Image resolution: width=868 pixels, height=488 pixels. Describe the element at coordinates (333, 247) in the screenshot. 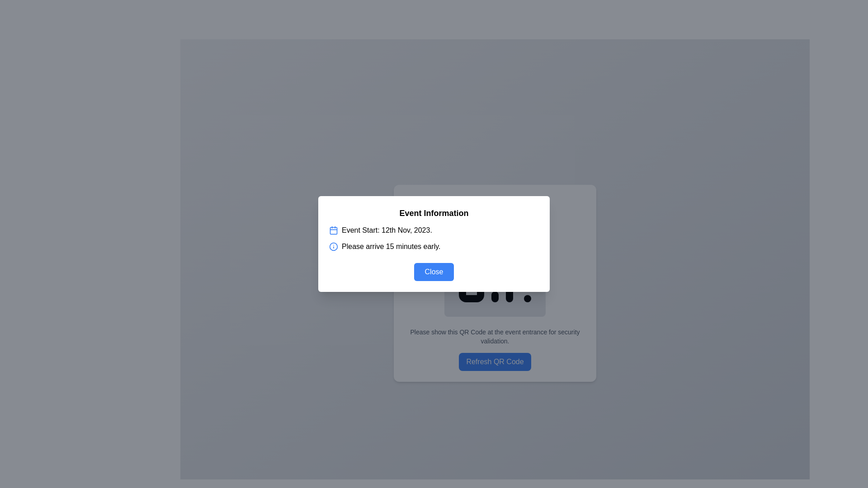

I see `the small circular icon with a blue outline and a white letter 'i' in the center, located to the left of the text 'Please arrive 15 minutes early'` at that location.